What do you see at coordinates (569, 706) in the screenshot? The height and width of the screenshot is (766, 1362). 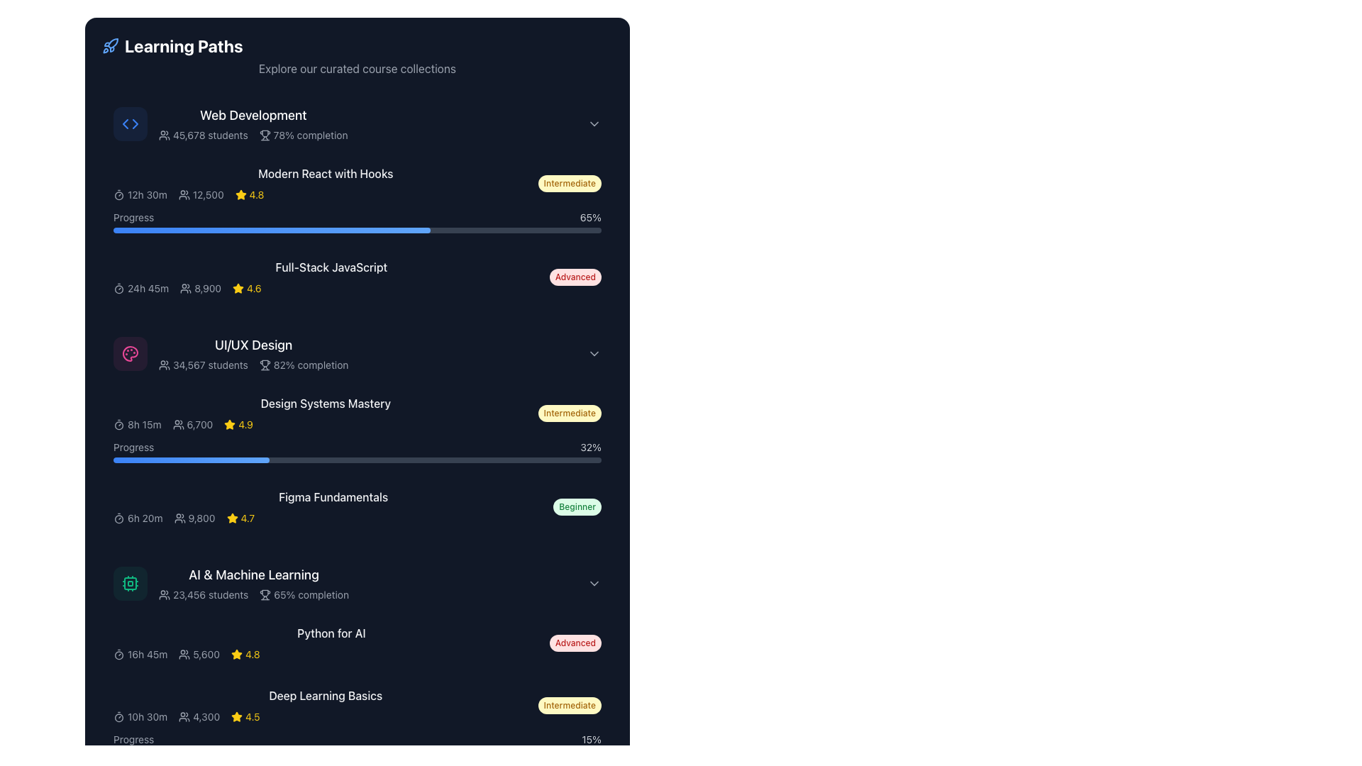 I see `'Intermediate' label on the Badge indicating the difficulty level of the 'Deep Learning Basics' course, positioned at the bottom-right corner of the section` at bounding box center [569, 706].